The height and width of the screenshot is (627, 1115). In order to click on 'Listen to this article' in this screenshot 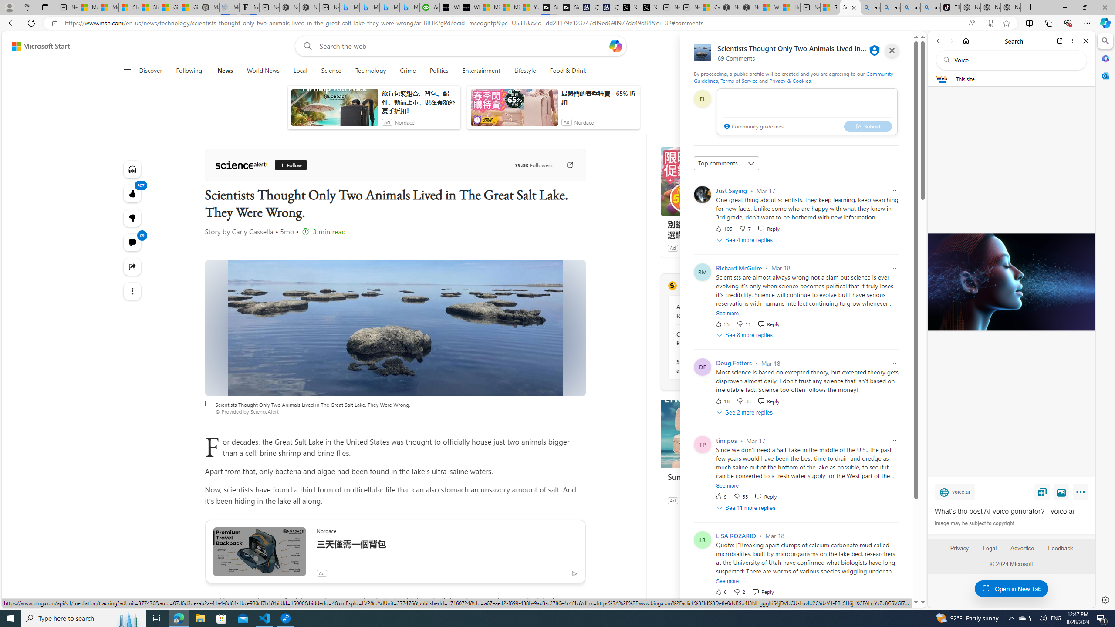, I will do `click(132, 169)`.